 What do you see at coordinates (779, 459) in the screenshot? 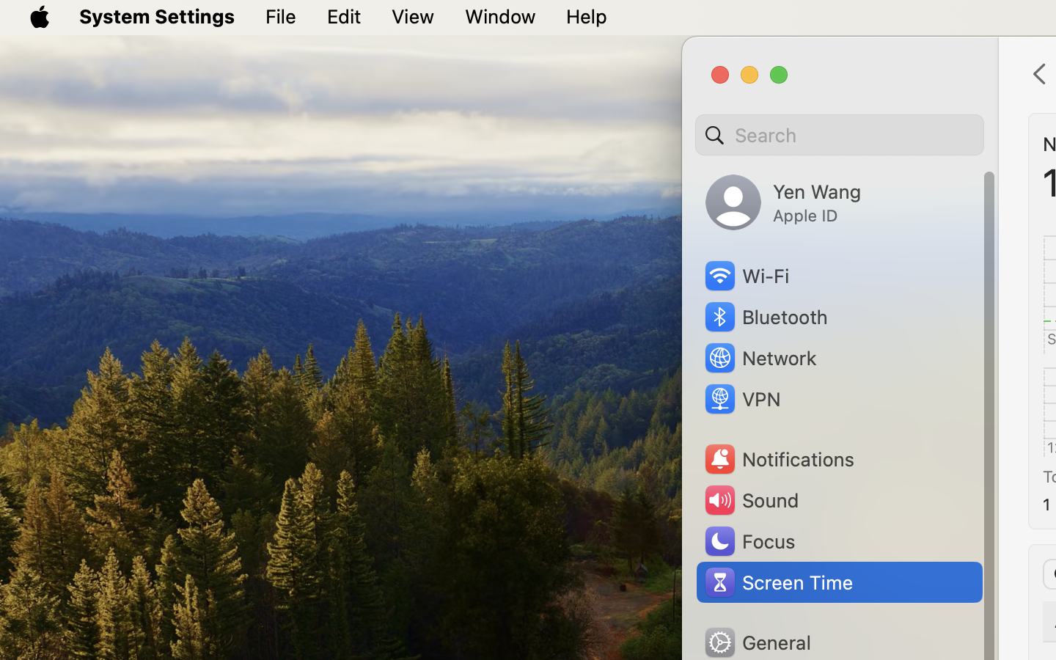
I see `'Notifications'` at bounding box center [779, 459].